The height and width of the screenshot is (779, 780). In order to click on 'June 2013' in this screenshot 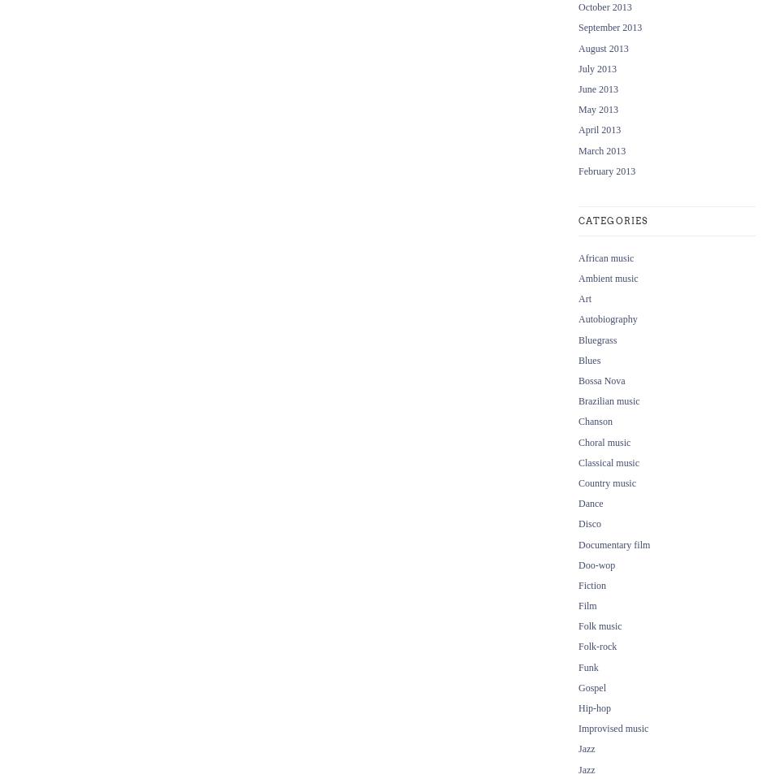, I will do `click(578, 89)`.